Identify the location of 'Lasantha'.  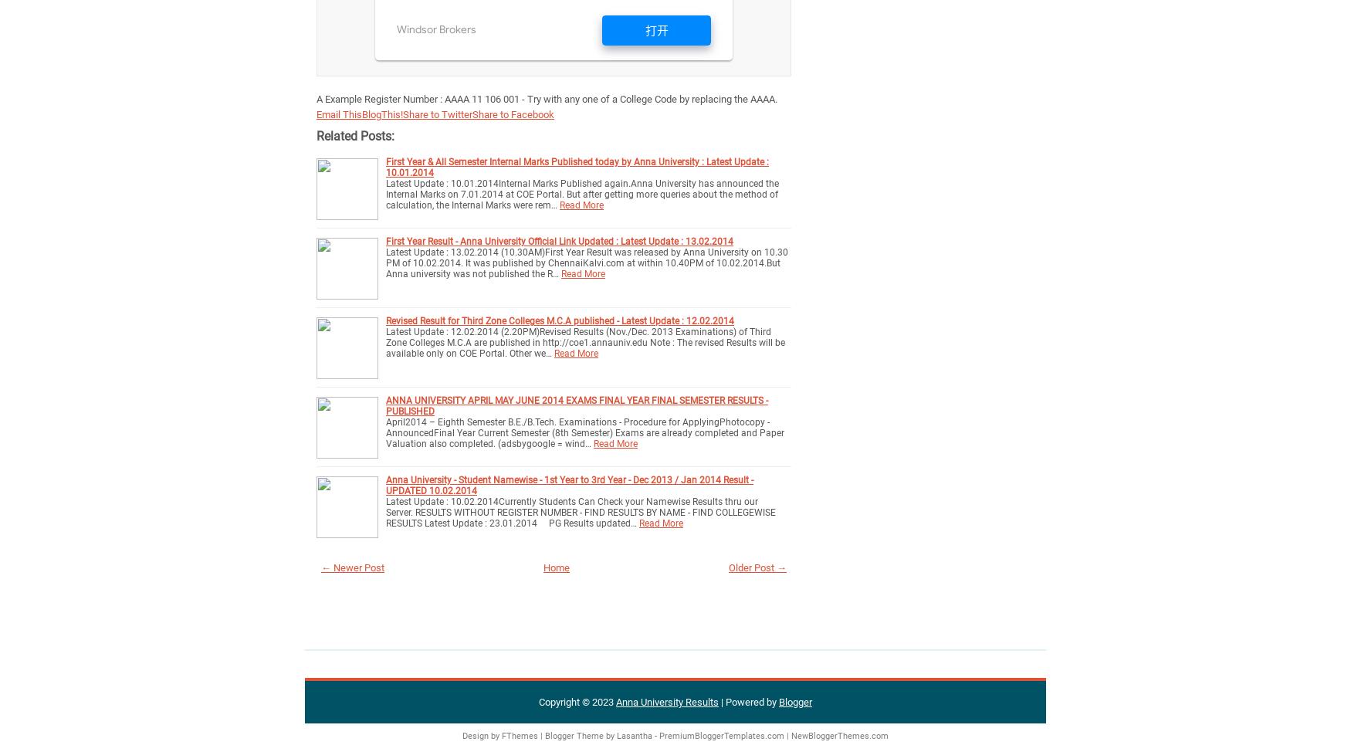
(634, 735).